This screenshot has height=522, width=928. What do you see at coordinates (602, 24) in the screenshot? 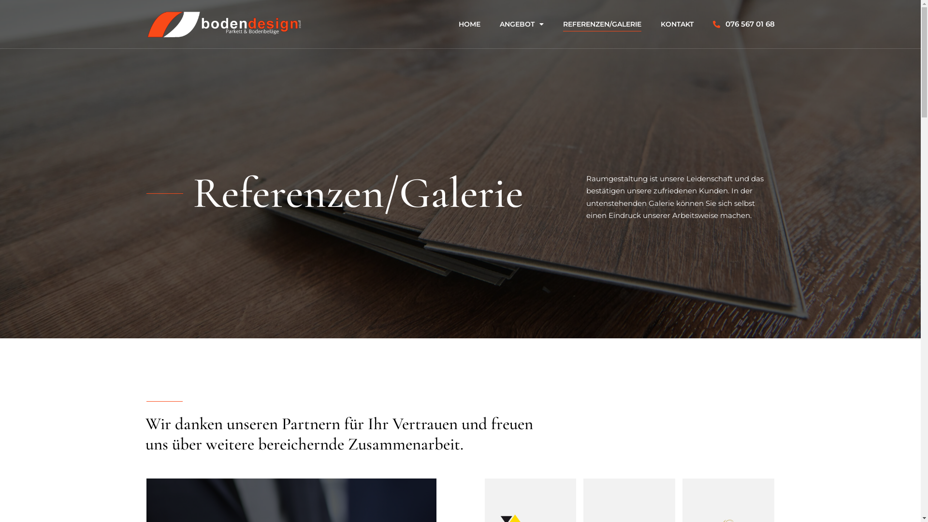
I see `'REFERENZEN/GALERIE'` at bounding box center [602, 24].